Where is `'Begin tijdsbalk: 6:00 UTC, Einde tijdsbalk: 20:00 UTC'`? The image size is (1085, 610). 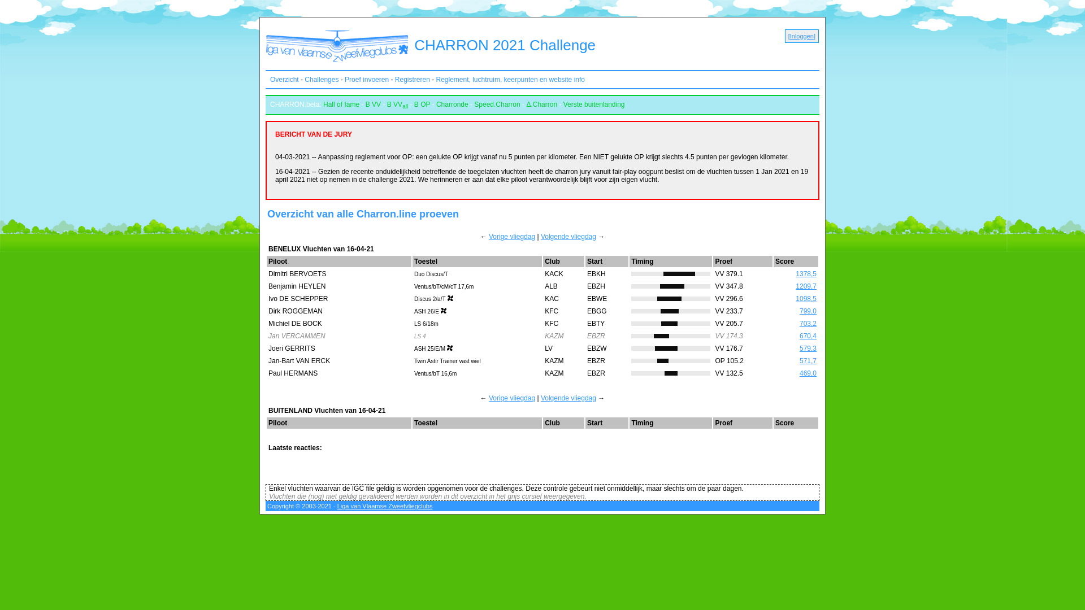 'Begin tijdsbalk: 6:00 UTC, Einde tijdsbalk: 20:00 UTC' is located at coordinates (670, 298).